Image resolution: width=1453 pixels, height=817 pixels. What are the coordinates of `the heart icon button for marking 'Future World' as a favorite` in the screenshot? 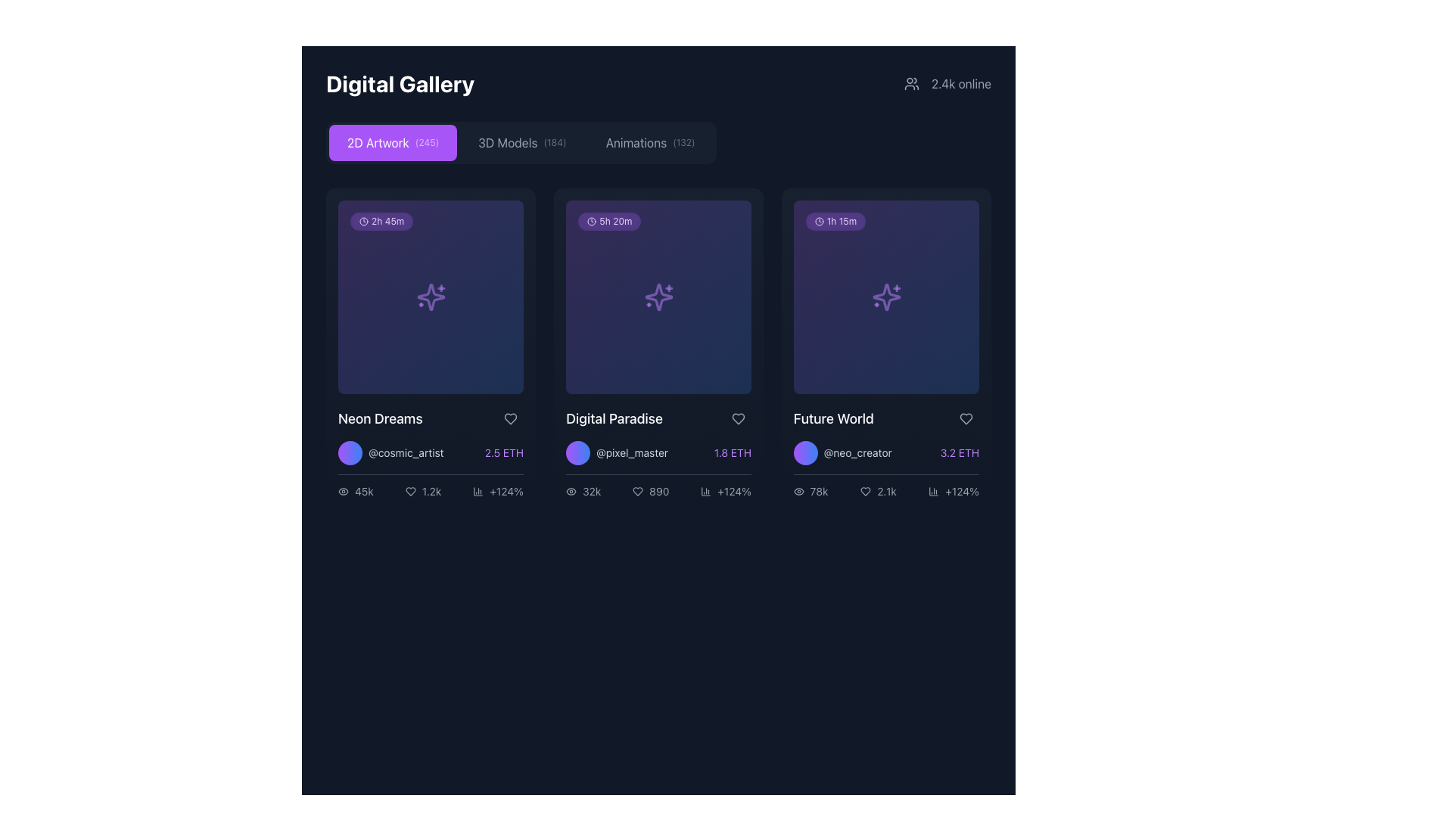 It's located at (965, 419).